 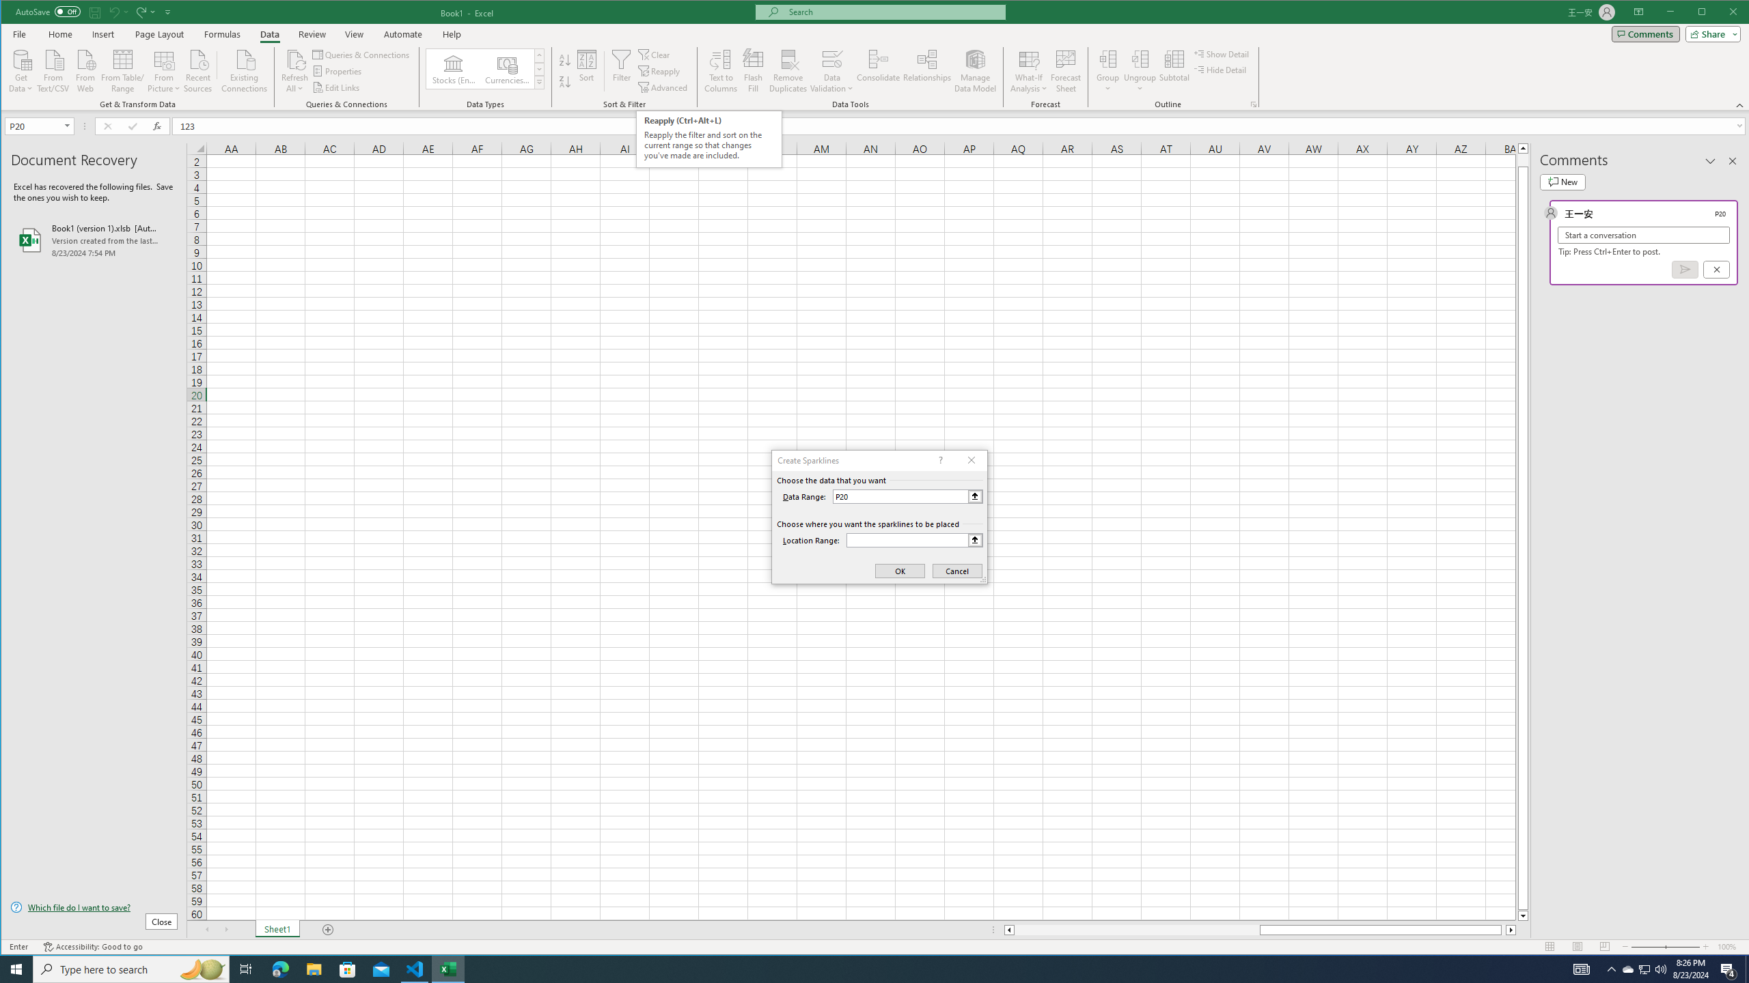 I want to click on 'Sort Largest to Smallest', so click(x=564, y=81).